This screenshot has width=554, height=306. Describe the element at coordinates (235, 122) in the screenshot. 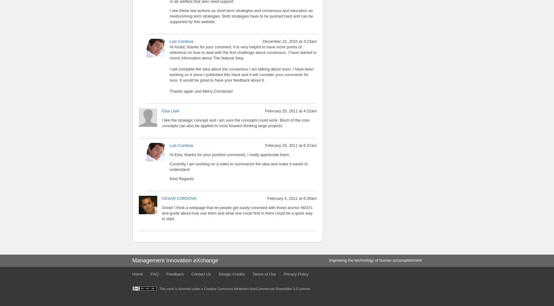

I see `'I like the strategic concept and i am sure the concepts could work. Much of the core concepts can also be applied to most forward thinking large projects'` at that location.